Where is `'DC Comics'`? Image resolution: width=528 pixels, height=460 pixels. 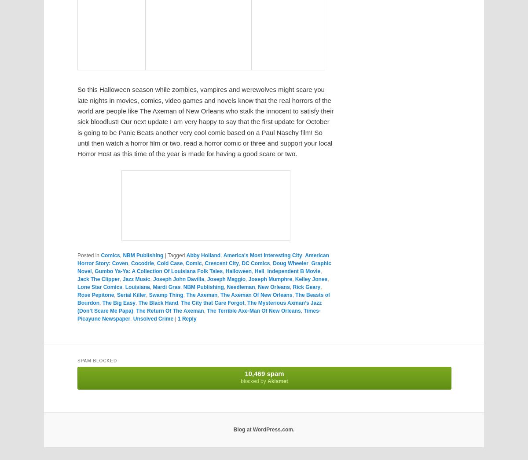
'DC Comics' is located at coordinates (255, 263).